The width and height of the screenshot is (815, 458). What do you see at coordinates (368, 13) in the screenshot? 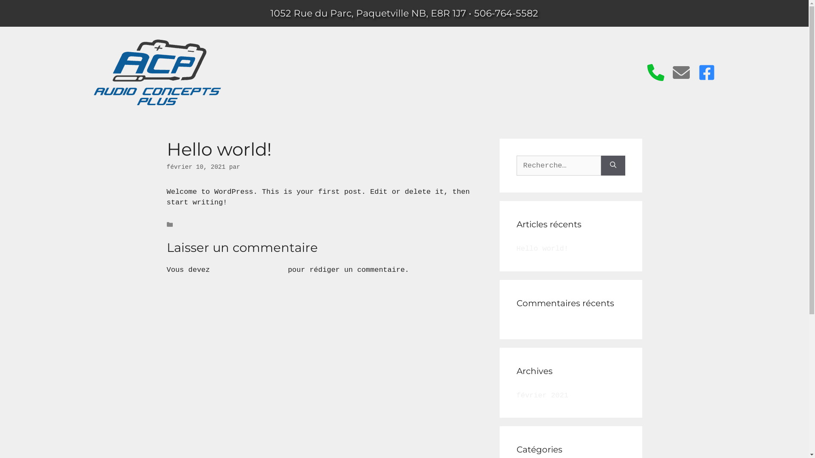
I see `'1052 Rue du Parc, Paquetville NB, E8R 1J7'` at bounding box center [368, 13].